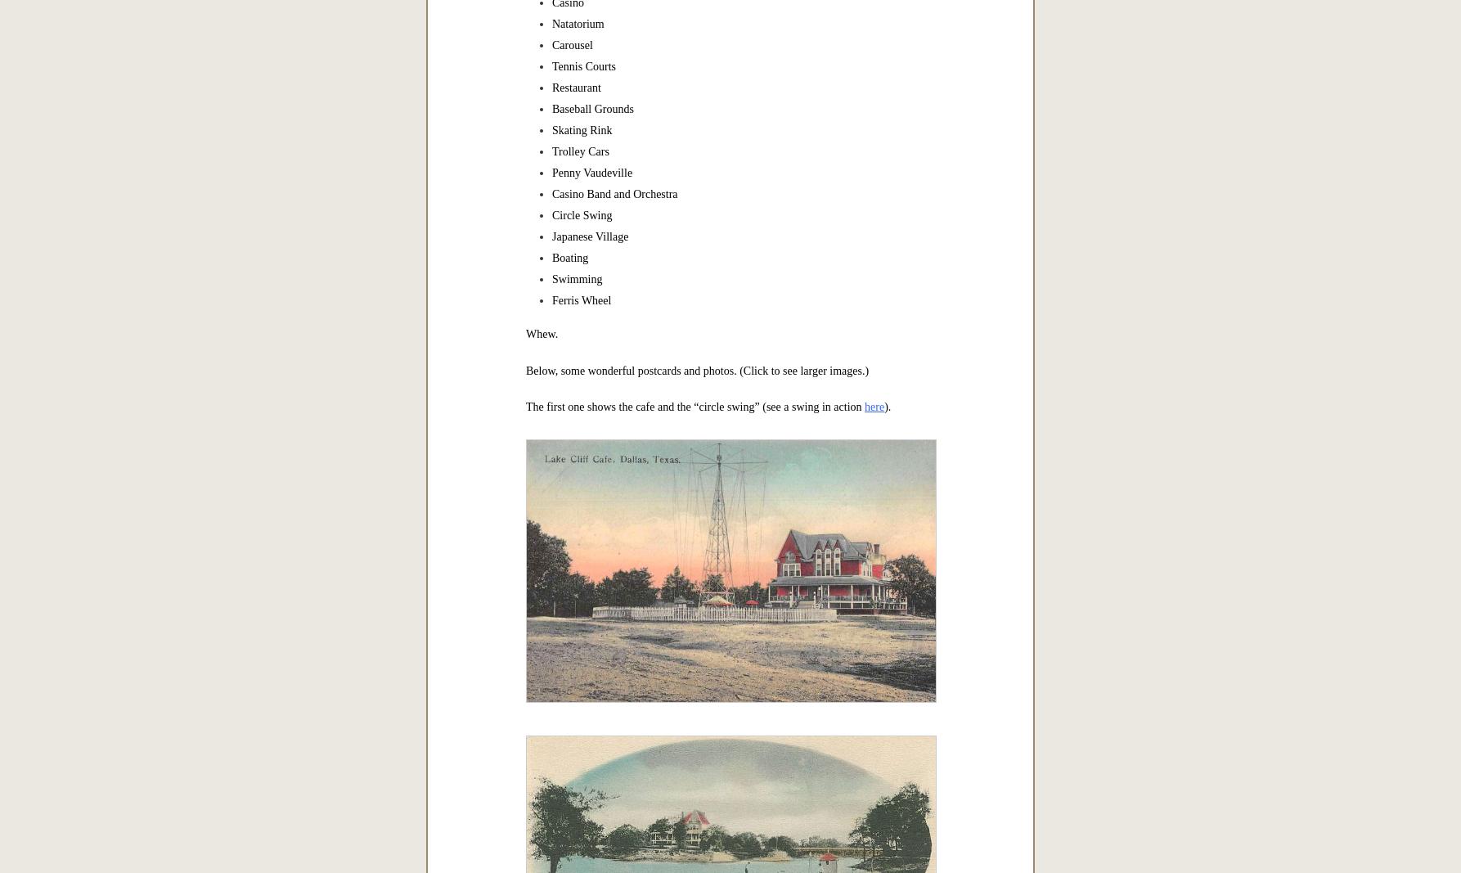 The height and width of the screenshot is (873, 1461). Describe the element at coordinates (577, 278) in the screenshot. I see `'Swimming'` at that location.